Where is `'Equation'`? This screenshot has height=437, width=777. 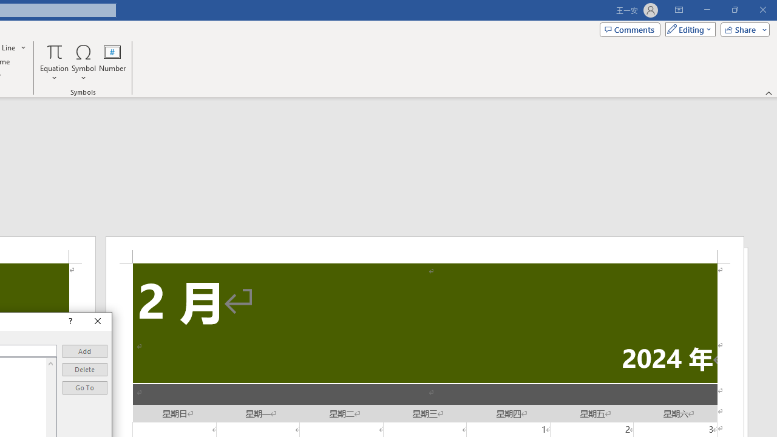 'Equation' is located at coordinates (54, 51).